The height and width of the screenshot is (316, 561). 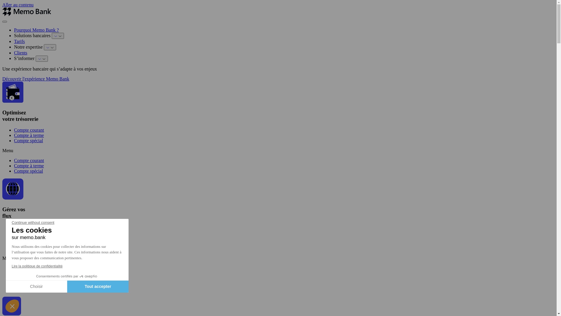 What do you see at coordinates (36, 30) in the screenshot?
I see `'Pourquoi Memo Bank ?'` at bounding box center [36, 30].